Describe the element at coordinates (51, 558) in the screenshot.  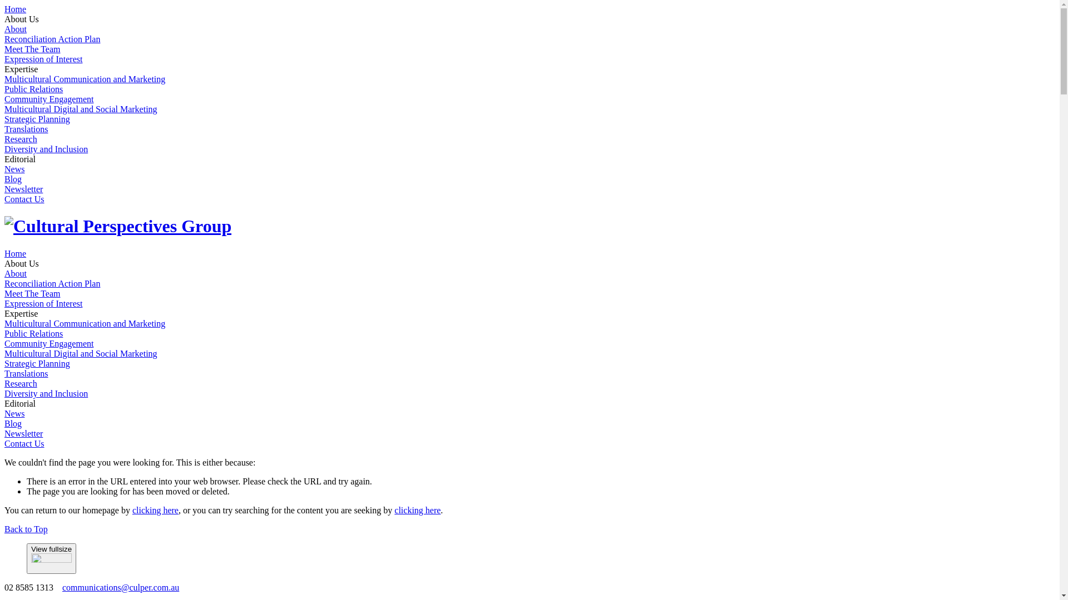
I see `'View fullsize'` at that location.